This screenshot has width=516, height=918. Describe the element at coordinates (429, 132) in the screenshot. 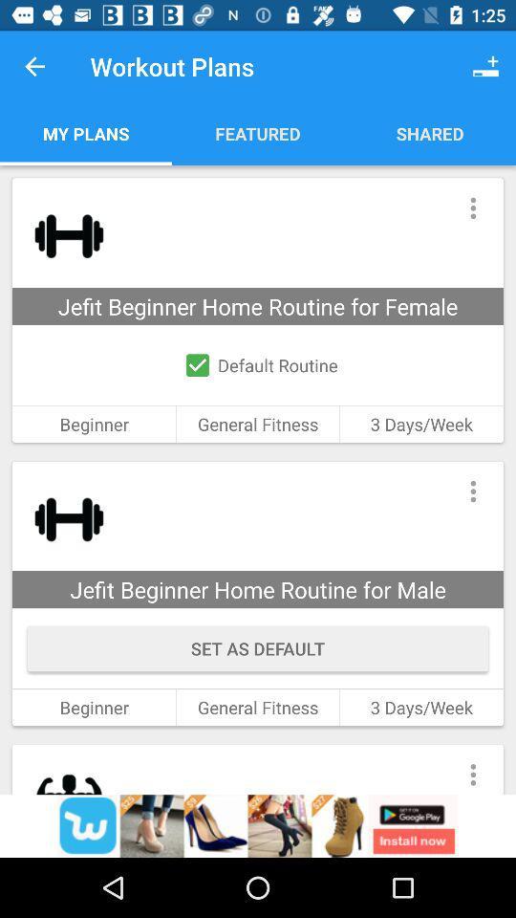

I see `the tab shared on the web page` at that location.